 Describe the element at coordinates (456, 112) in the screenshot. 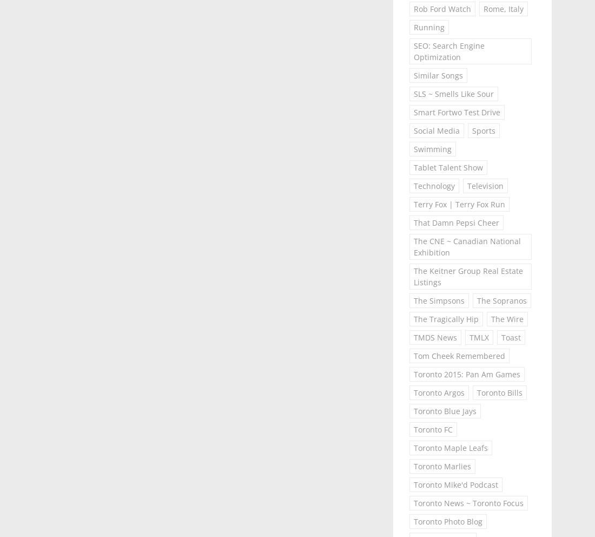

I see `'Smart Fortwo Test Drive'` at that location.